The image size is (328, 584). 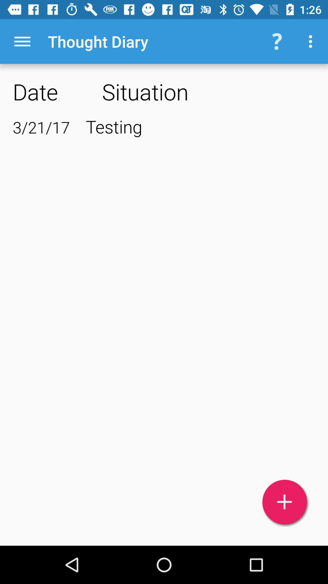 I want to click on icon next to the thought diary, so click(x=22, y=41).